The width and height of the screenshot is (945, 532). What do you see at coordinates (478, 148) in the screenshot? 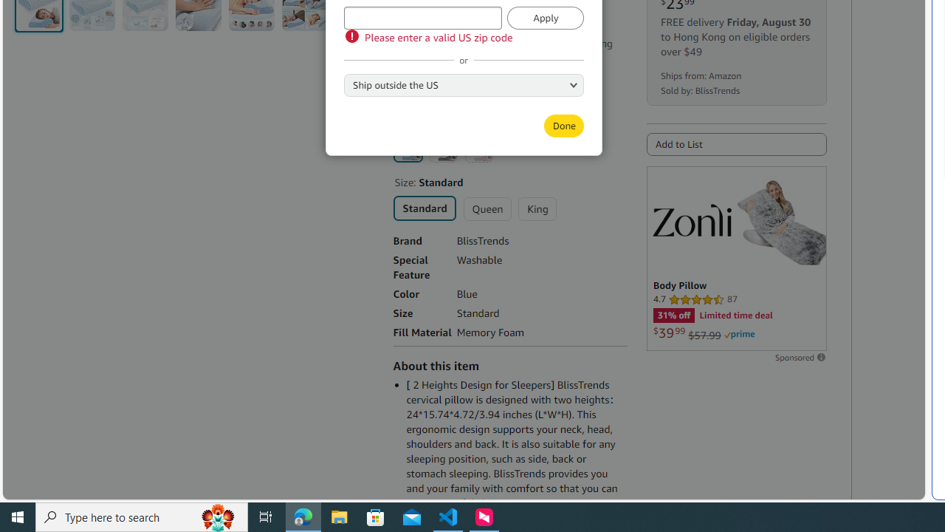
I see `'Pink'` at bounding box center [478, 148].